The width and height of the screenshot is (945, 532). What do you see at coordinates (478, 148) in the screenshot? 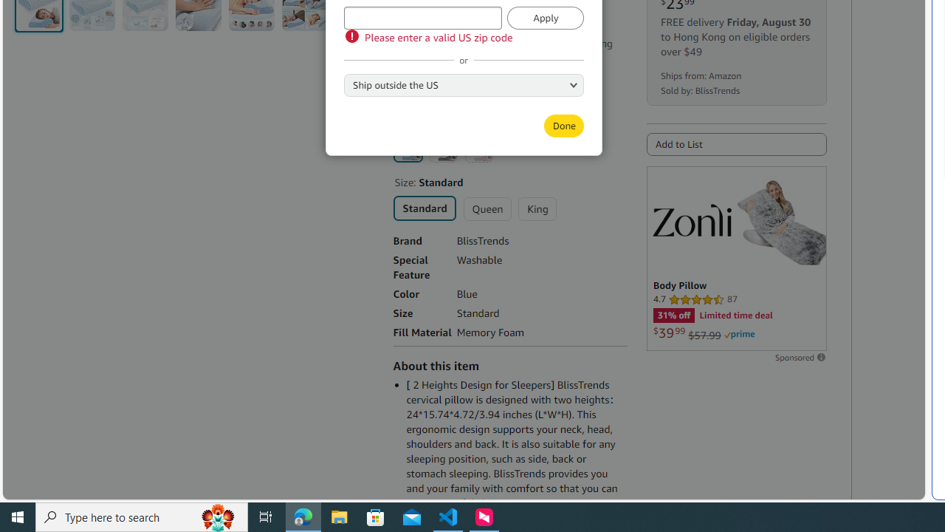
I see `'Pink'` at bounding box center [478, 148].